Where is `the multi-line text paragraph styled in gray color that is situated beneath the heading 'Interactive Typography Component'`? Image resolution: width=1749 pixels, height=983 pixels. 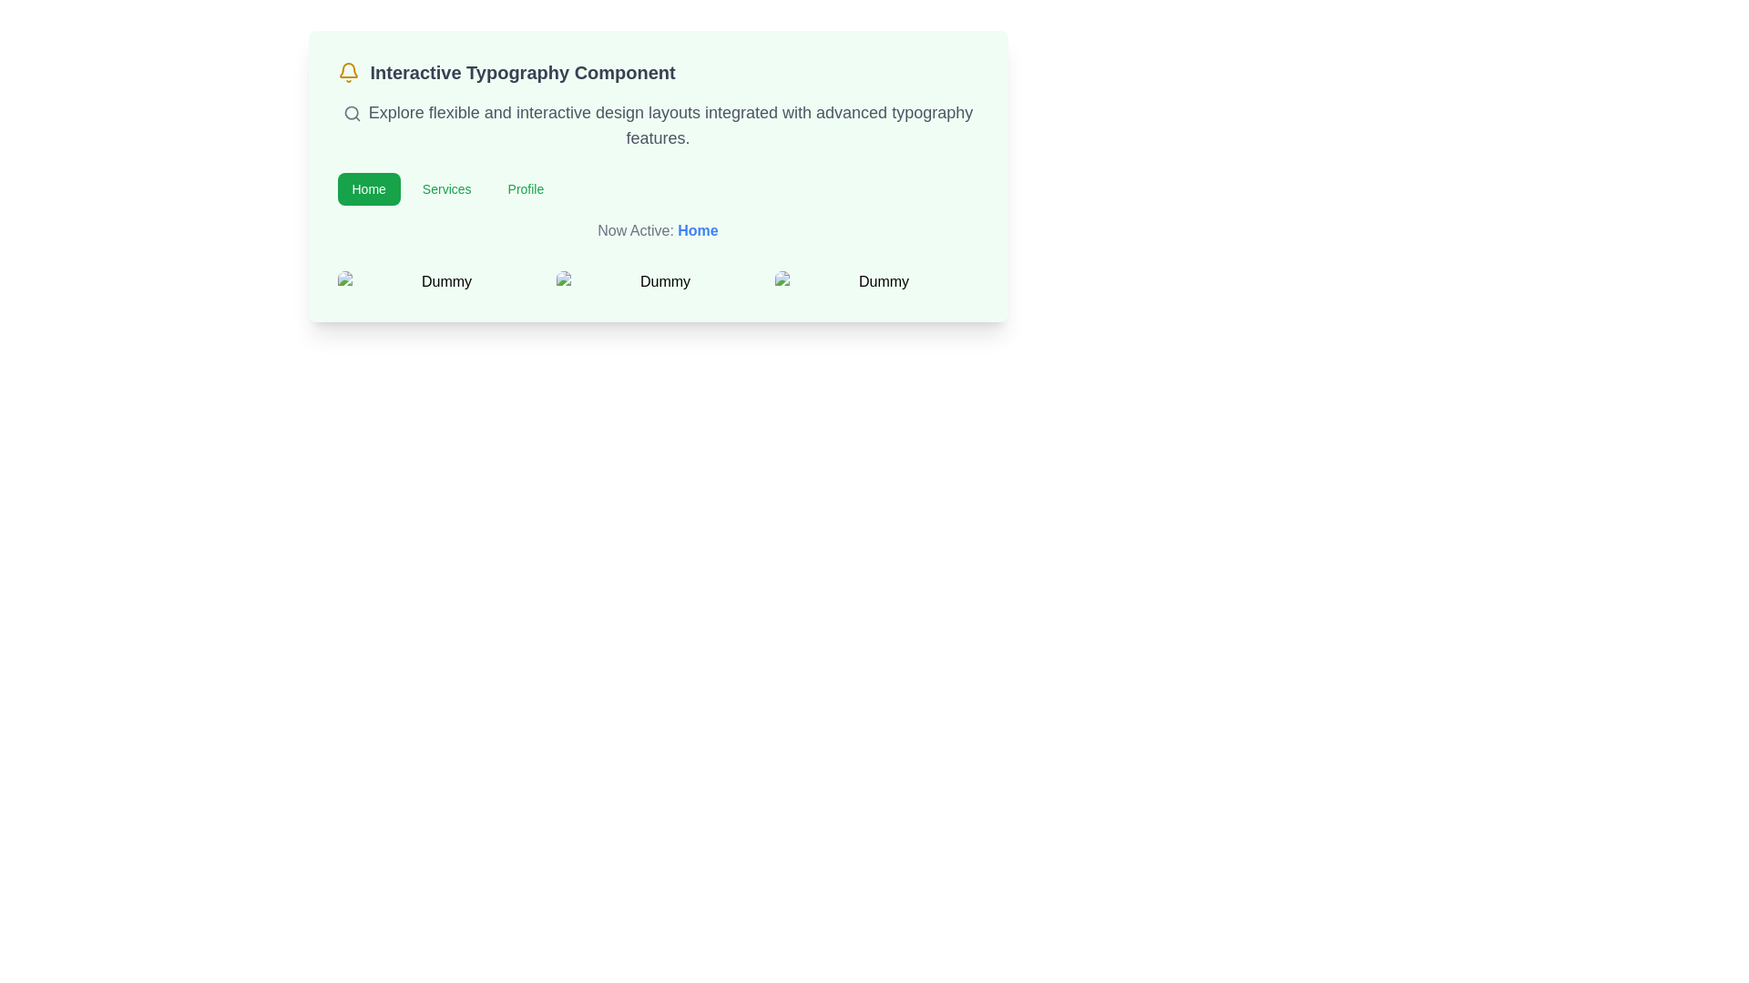 the multi-line text paragraph styled in gray color that is situated beneath the heading 'Interactive Typography Component' is located at coordinates (657, 125).